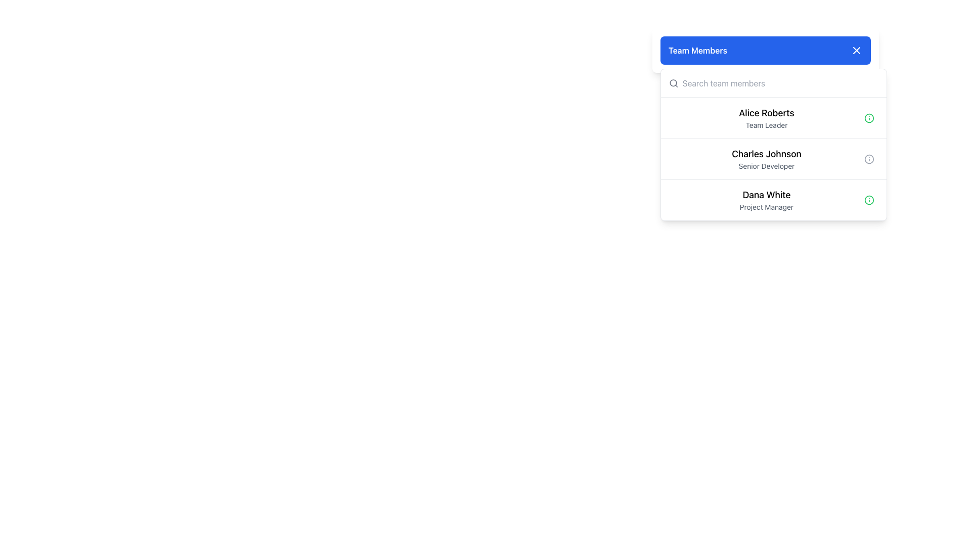  What do you see at coordinates (773, 118) in the screenshot?
I see `the first list item under 'Team Members' which displays 'Alice Roberts' and 'Team Leader'` at bounding box center [773, 118].